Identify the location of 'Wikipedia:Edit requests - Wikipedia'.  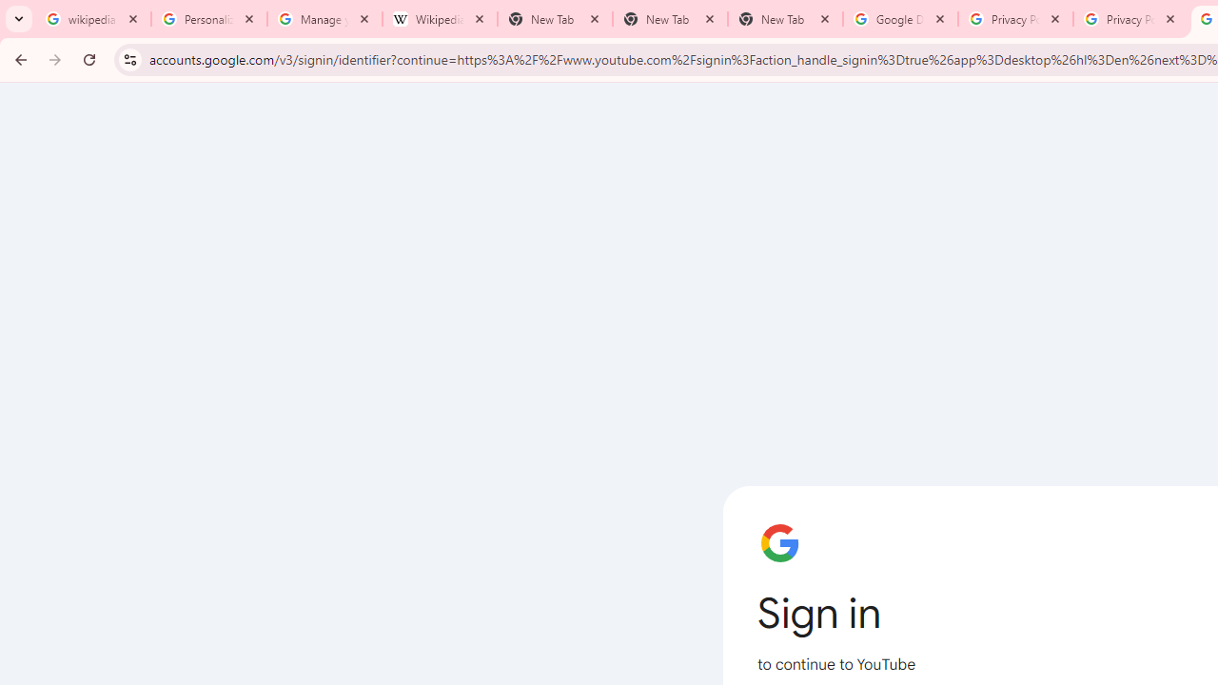
(439, 19).